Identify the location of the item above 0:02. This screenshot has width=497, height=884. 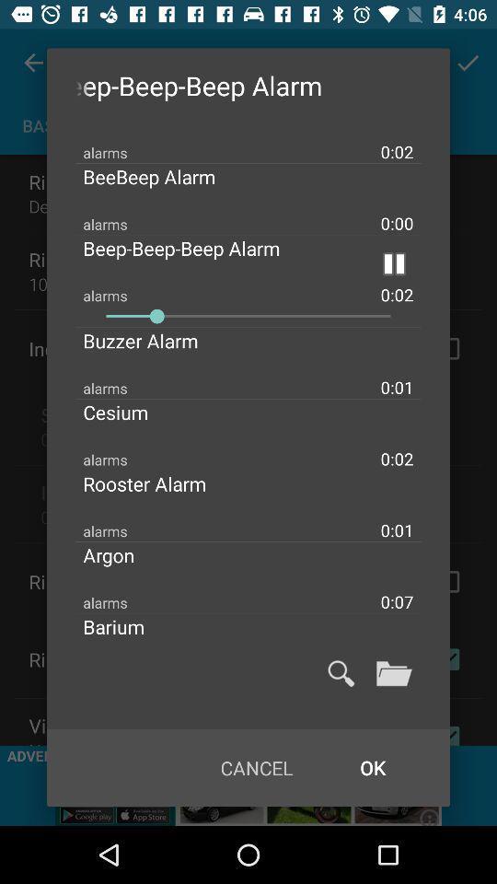
(393, 262).